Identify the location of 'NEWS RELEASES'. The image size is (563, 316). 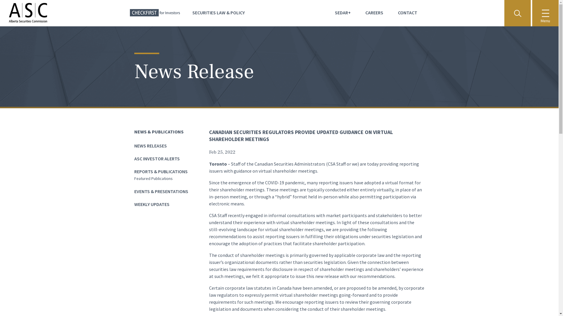
(150, 145).